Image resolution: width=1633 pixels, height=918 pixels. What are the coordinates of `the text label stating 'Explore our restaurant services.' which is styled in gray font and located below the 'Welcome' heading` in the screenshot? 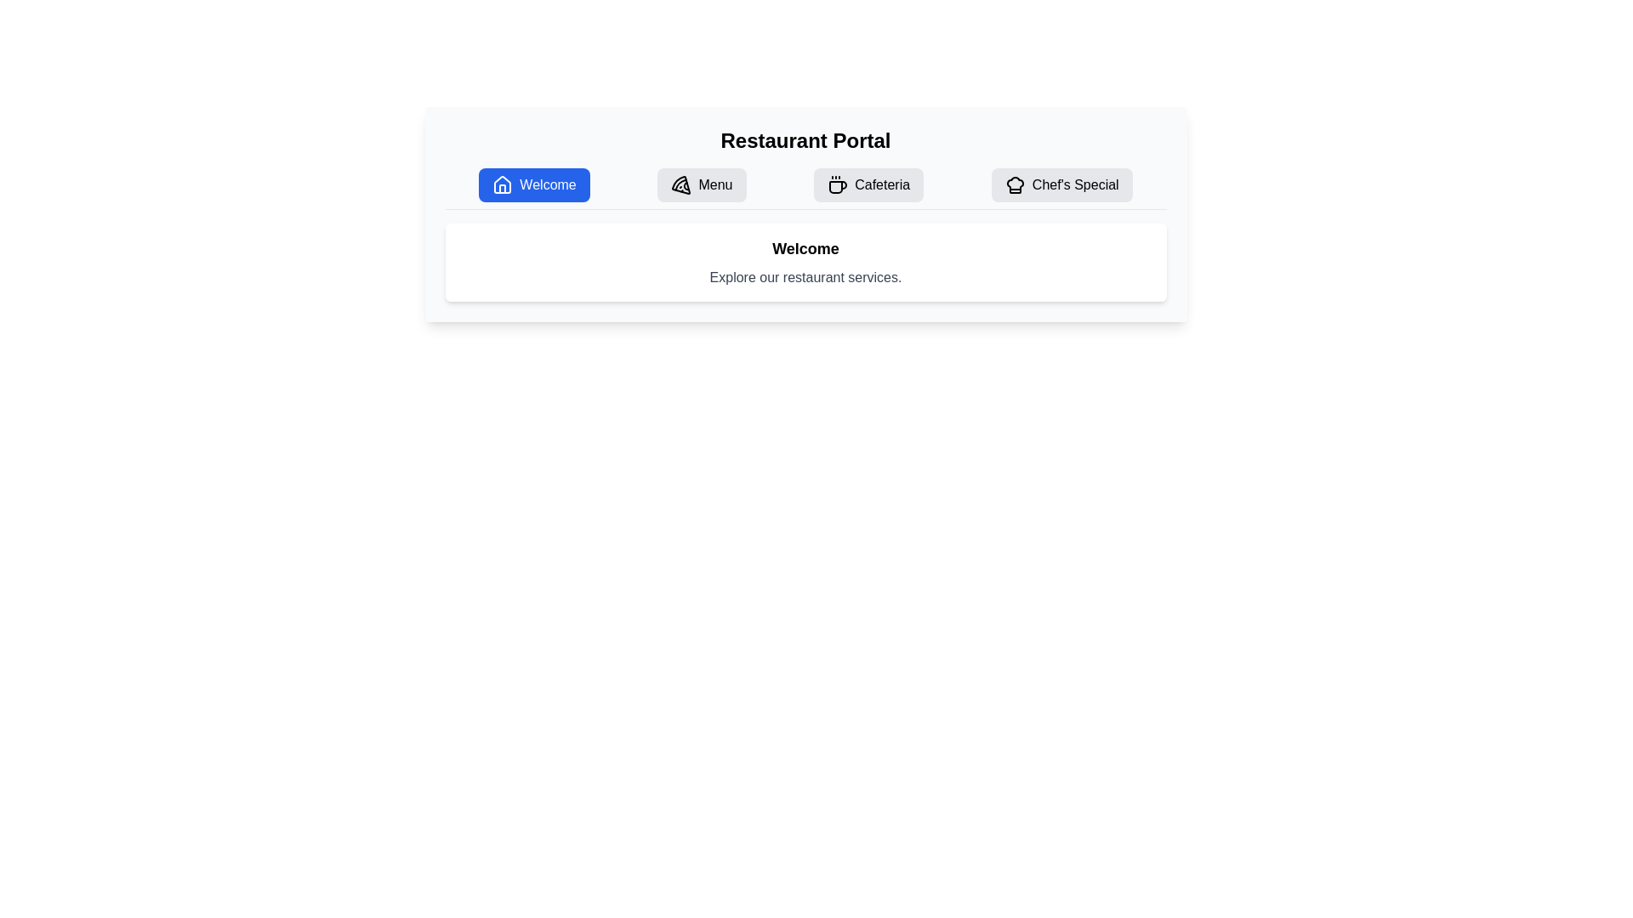 It's located at (805, 277).